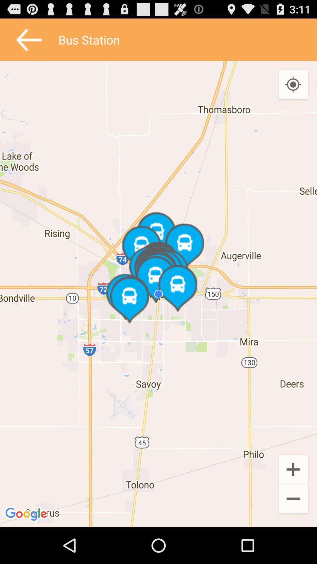 This screenshot has width=317, height=564. What do you see at coordinates (293, 501) in the screenshot?
I see `the add icon` at bounding box center [293, 501].